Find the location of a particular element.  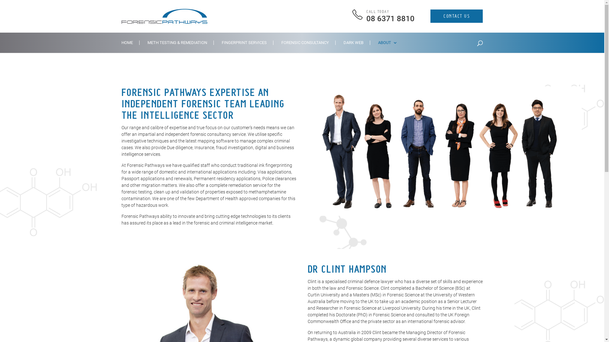

'ABOUT' is located at coordinates (387, 46).